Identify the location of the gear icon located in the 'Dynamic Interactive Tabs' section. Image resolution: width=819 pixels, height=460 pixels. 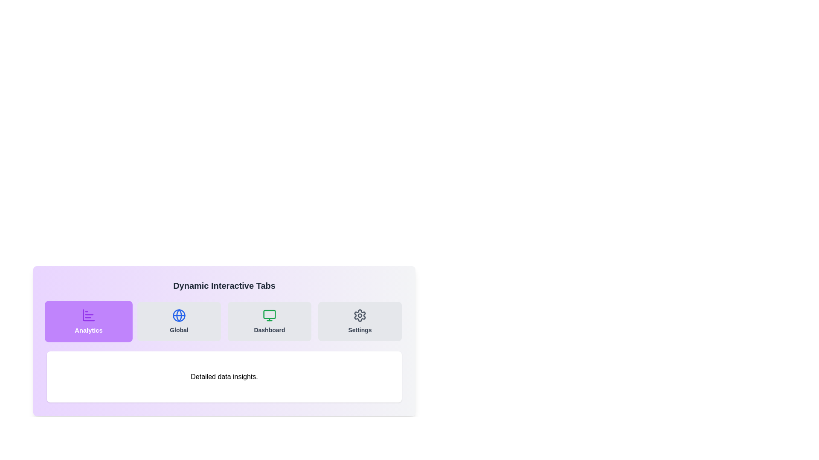
(360, 315).